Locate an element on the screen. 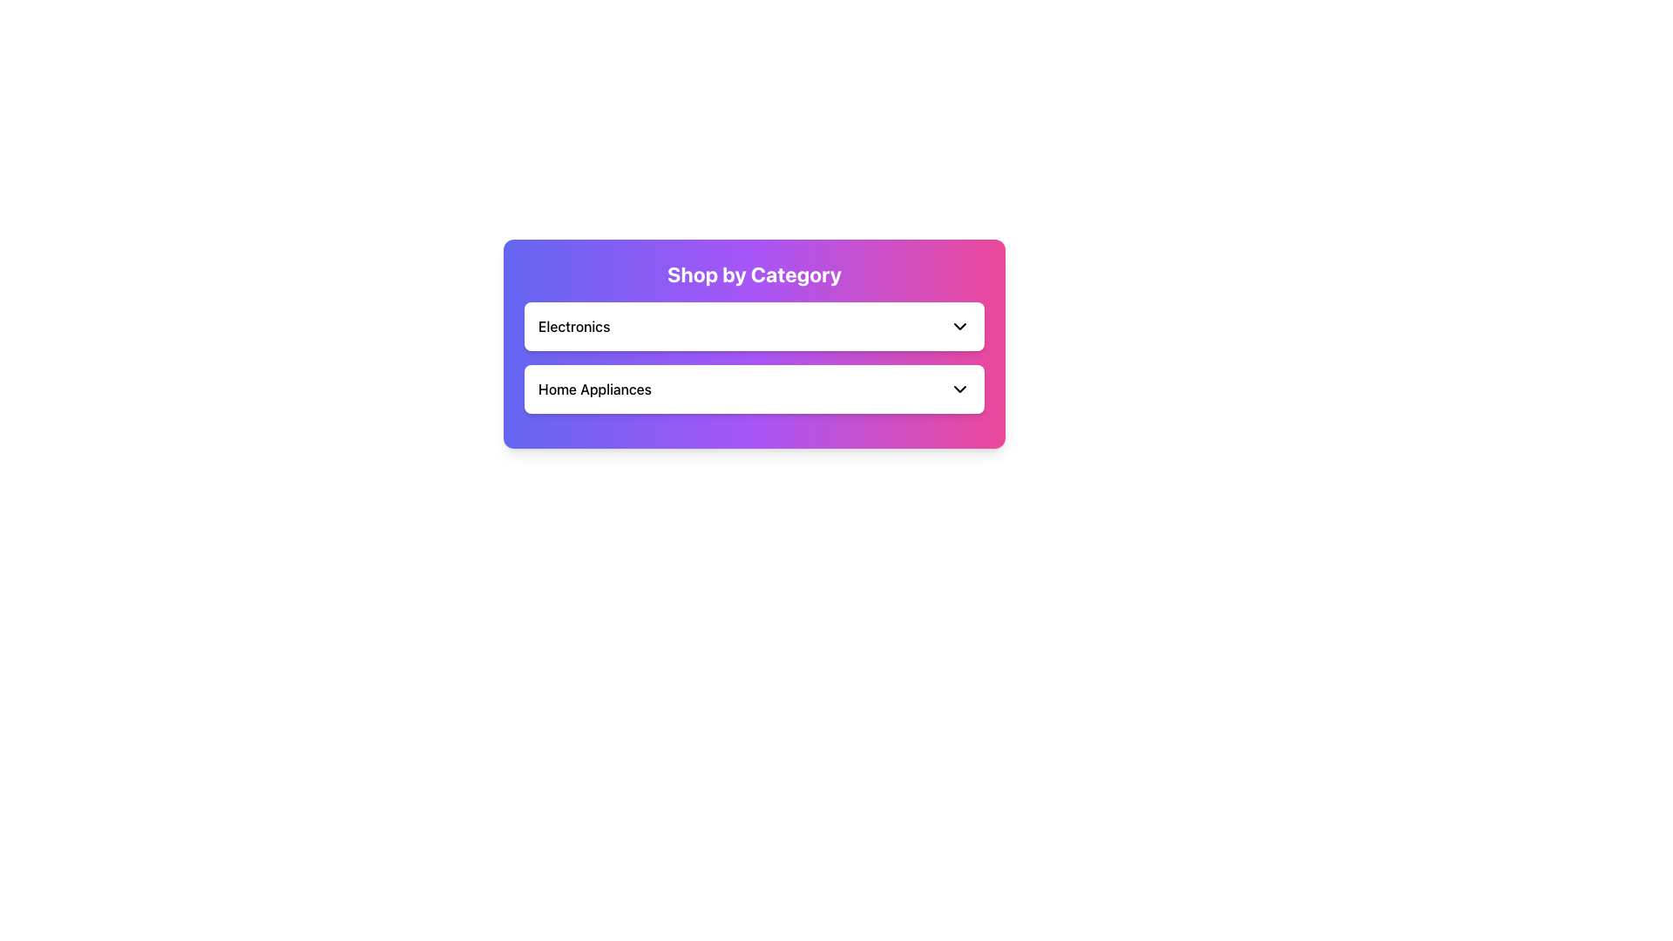  the 'Home Appliances' text label in the dropdown menu, which indicates the currently selected category is located at coordinates (594, 389).